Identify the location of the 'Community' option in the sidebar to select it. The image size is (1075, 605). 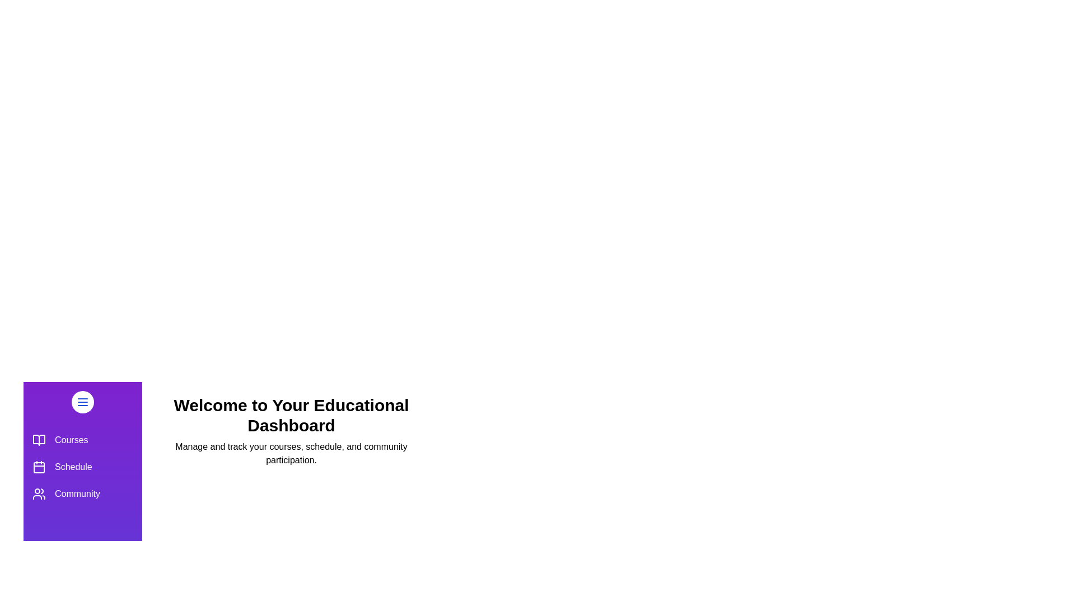
(82, 494).